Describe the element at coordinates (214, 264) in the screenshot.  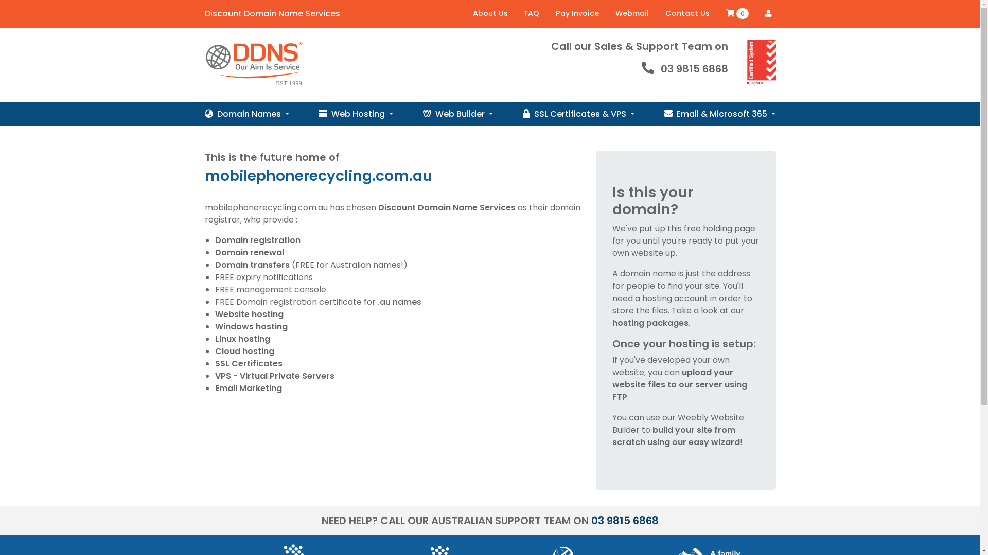
I see `'Domain transfers'` at that location.